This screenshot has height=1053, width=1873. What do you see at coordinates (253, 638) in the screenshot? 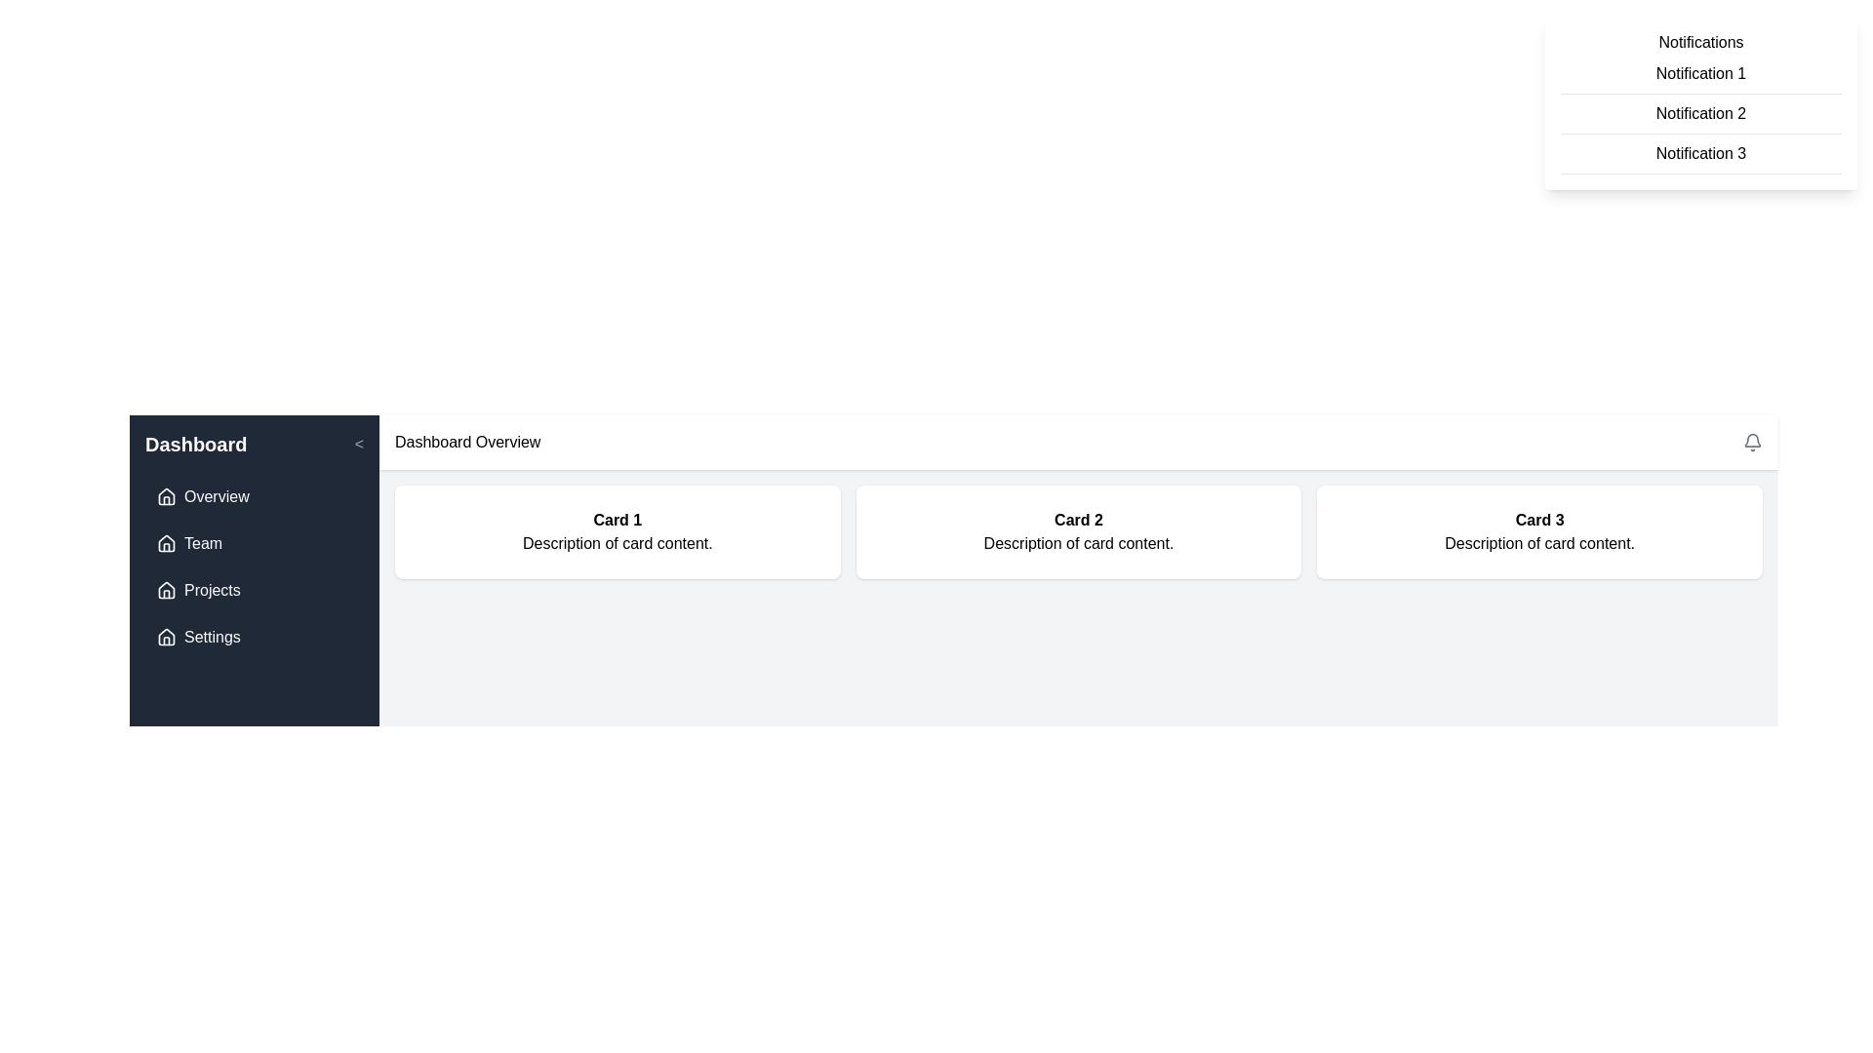
I see `the 'Settings' navigation button located as the fourth item in the vertically stacked menu on the left sidebar` at bounding box center [253, 638].